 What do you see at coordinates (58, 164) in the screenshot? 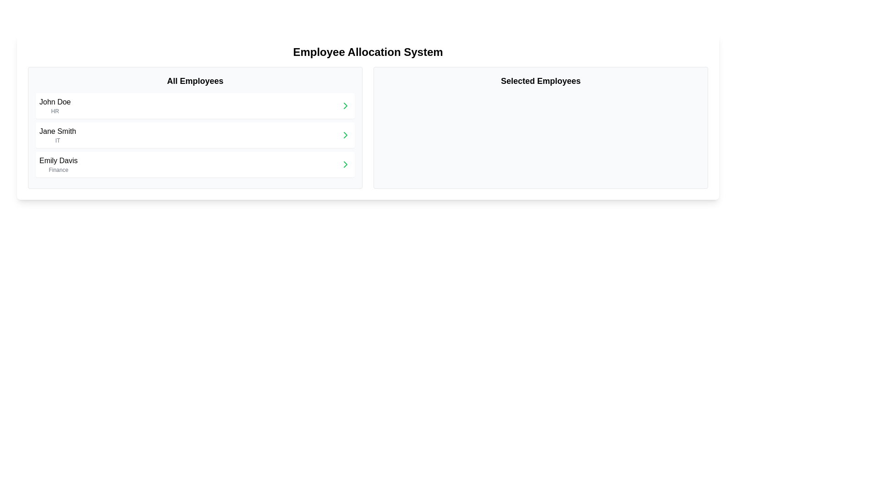
I see `the text block representing the employee's name and department details located in the third row of the 'All Employees' section` at bounding box center [58, 164].